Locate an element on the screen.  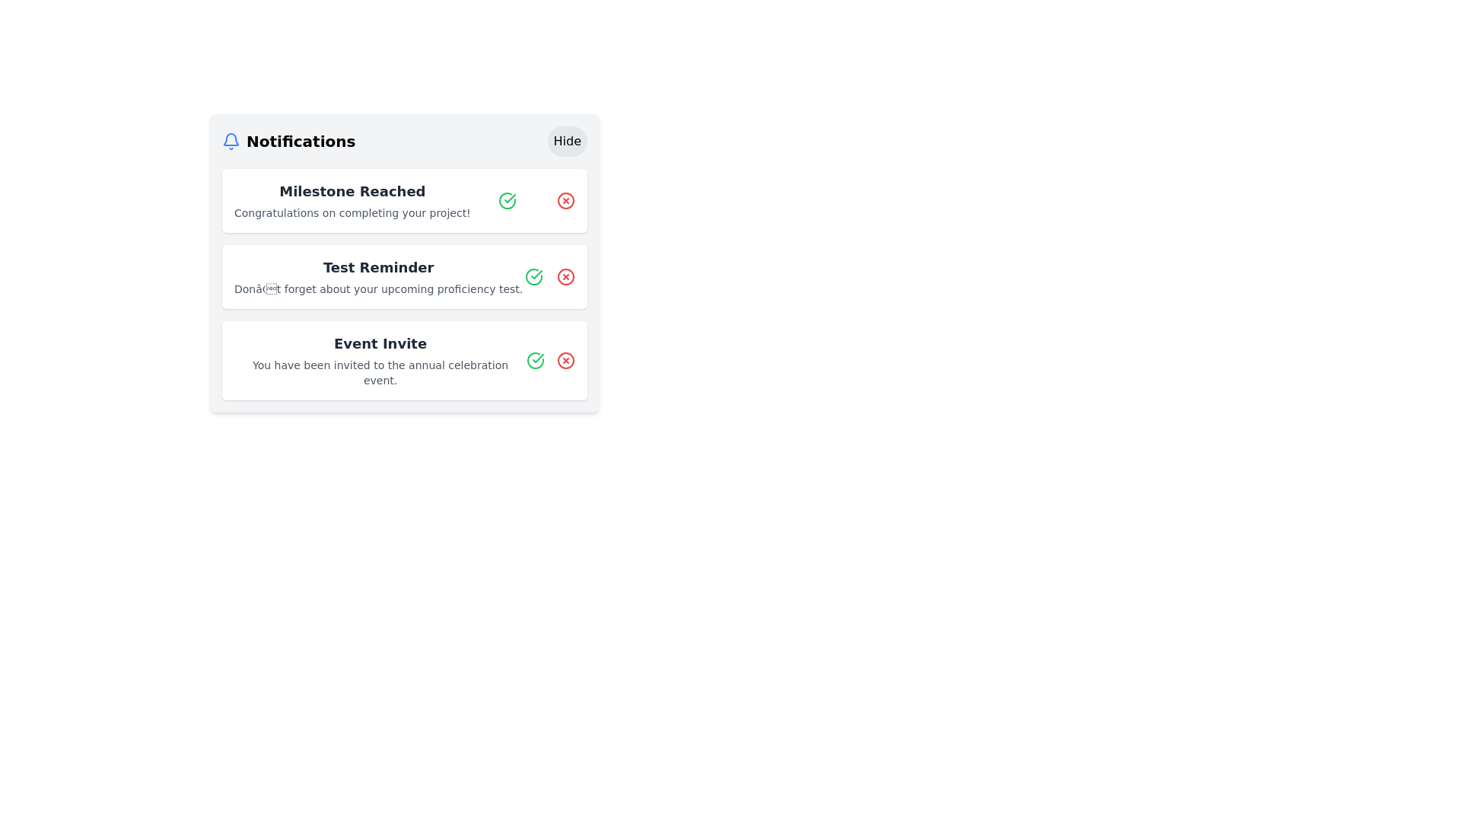
the green checkmark icon located to the right of the 'Test Reminder' notification is located at coordinates (533, 276).